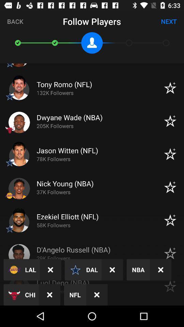  I want to click on next icon, so click(168, 21).